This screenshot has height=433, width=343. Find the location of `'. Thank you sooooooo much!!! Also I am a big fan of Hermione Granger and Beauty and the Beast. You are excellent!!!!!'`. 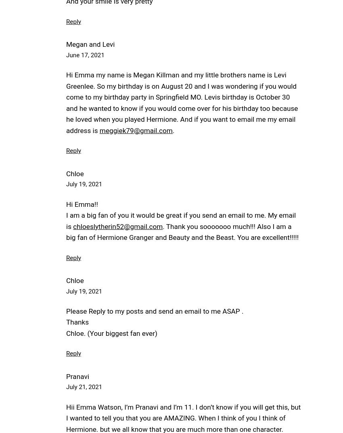

'. Thank you sooooooo much!!! Also I am a big fan of Hermione Granger and Beauty and the Beast. You are excellent!!!!!' is located at coordinates (66, 231).